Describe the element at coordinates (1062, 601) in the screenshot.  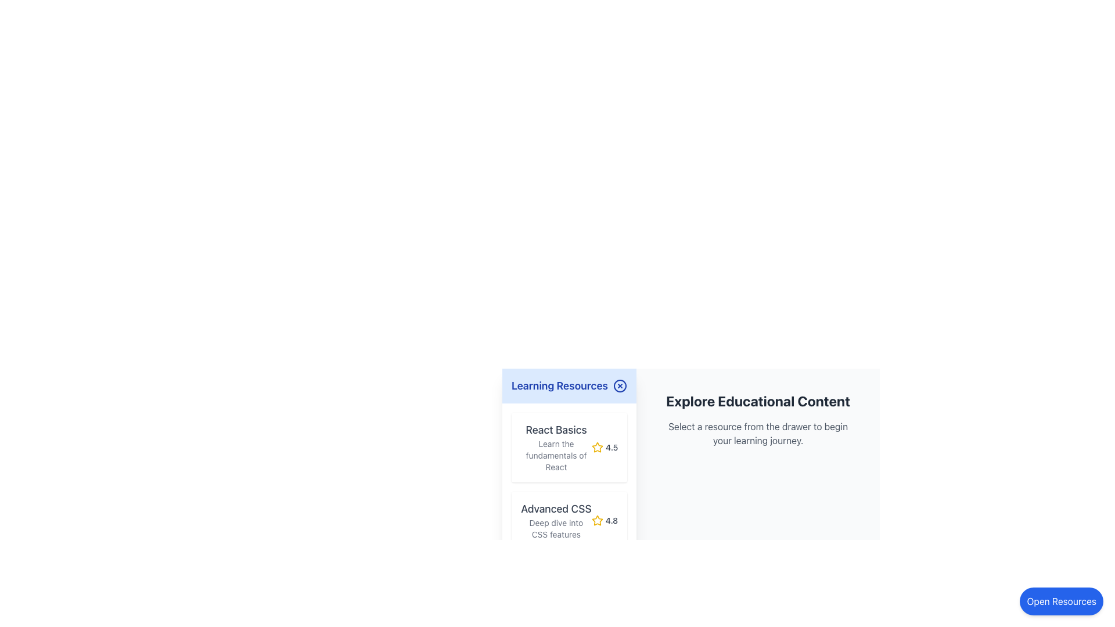
I see `the rounded rectangular button with a blue background labeled 'Open Resources'` at that location.